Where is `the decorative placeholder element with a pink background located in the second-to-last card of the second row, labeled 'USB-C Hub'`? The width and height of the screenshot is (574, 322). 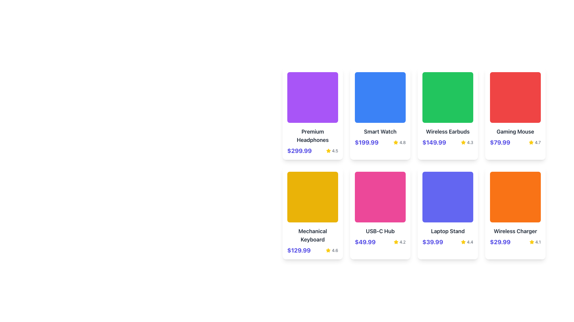
the decorative placeholder element with a pink background located in the second-to-last card of the second row, labeled 'USB-C Hub' is located at coordinates (380, 197).